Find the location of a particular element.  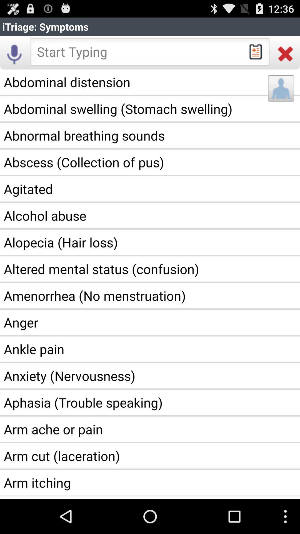

search bar is located at coordinates (150, 53).